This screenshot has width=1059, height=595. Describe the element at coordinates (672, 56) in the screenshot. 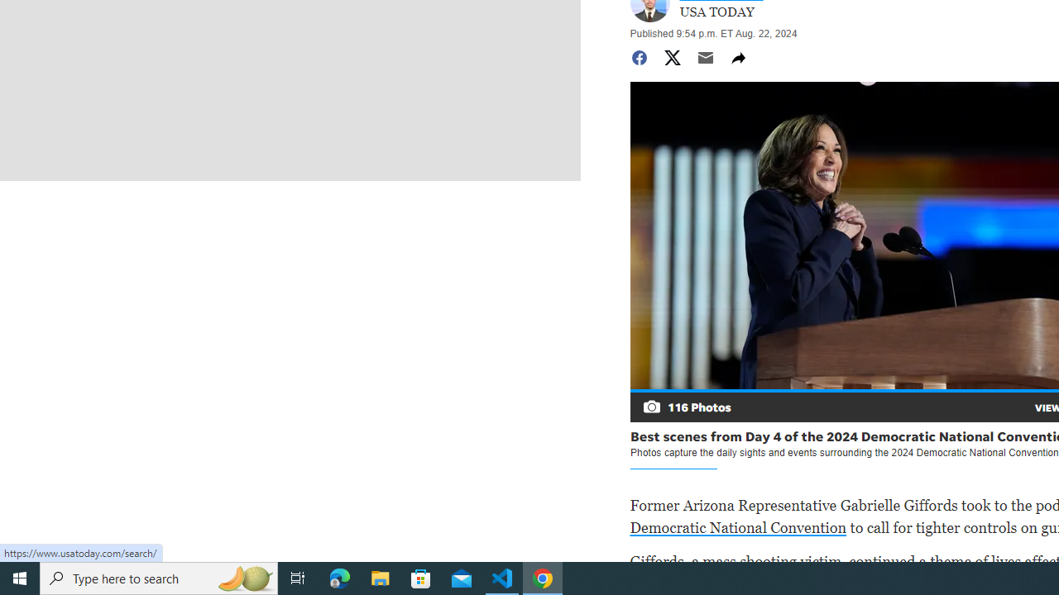

I see `'Share to Twitter'` at that location.